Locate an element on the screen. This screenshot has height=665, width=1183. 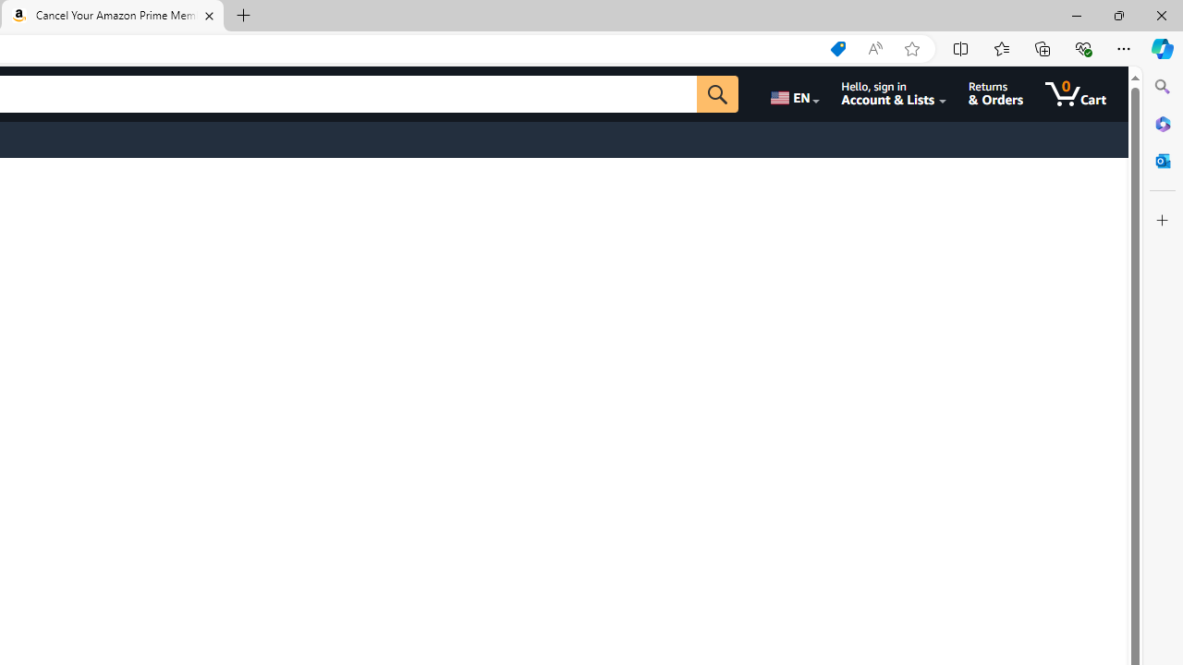
'Returns & Orders' is located at coordinates (994, 93).